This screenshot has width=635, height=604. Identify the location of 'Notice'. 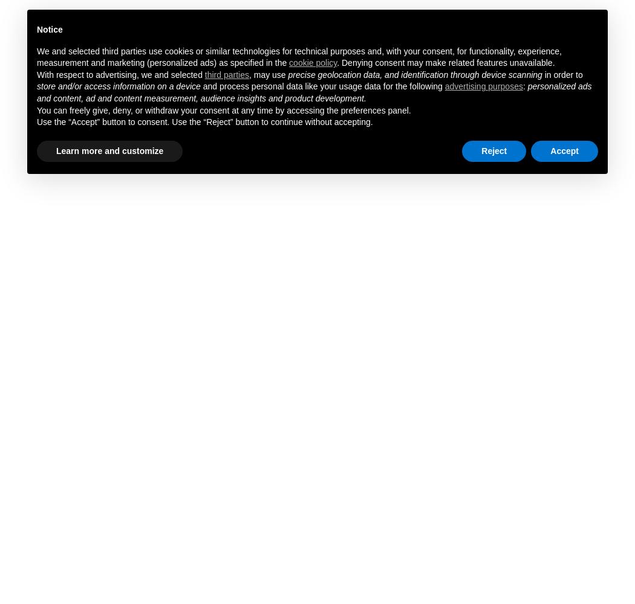
(50, 30).